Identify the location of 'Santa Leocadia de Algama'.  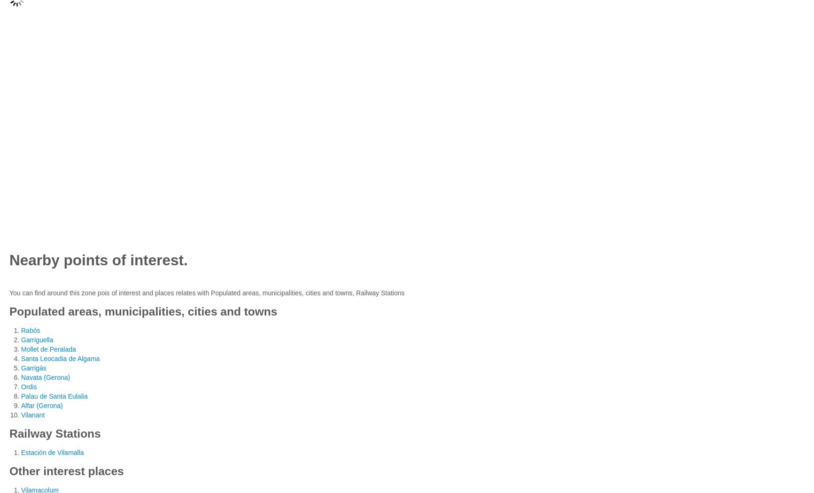
(60, 358).